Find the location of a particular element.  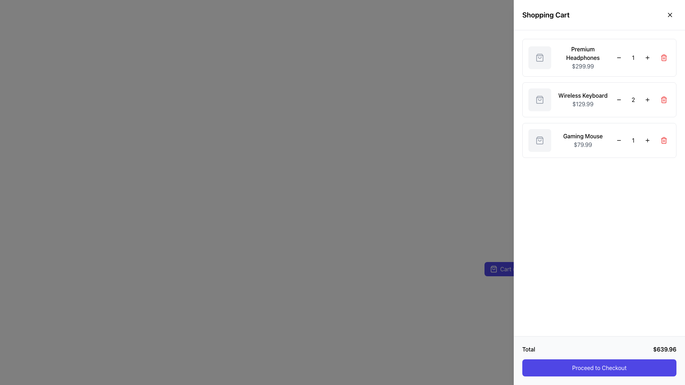

the button labeled 'Cart (3)' that contains the shopping cart icon located in the bottom right corner of the interface is located at coordinates (493, 269).